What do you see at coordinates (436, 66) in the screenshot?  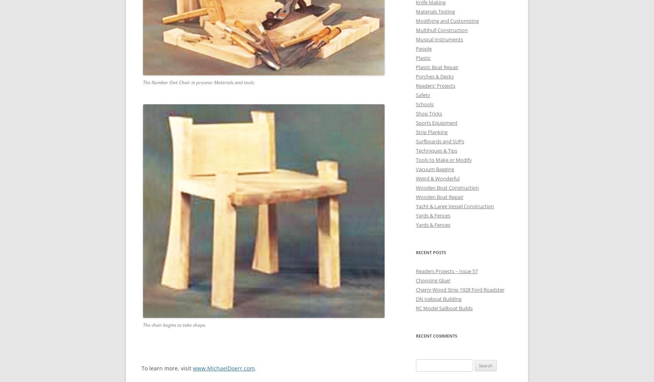 I see `'Plastic Boat Repair'` at bounding box center [436, 66].